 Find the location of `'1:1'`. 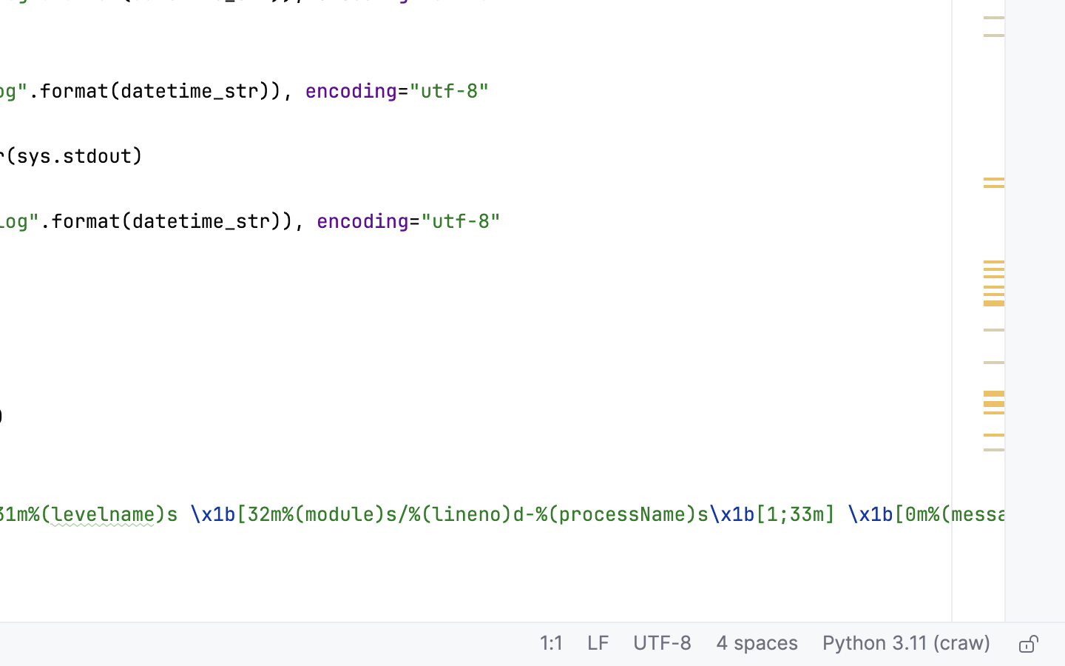

'1:1' is located at coordinates (551, 645).